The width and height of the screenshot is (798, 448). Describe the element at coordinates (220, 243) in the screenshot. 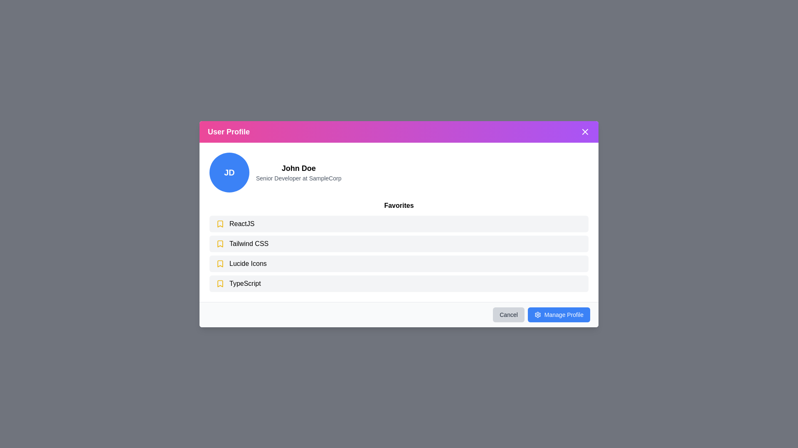

I see `the bookmark icon for 'Tailwind CSS'` at that location.